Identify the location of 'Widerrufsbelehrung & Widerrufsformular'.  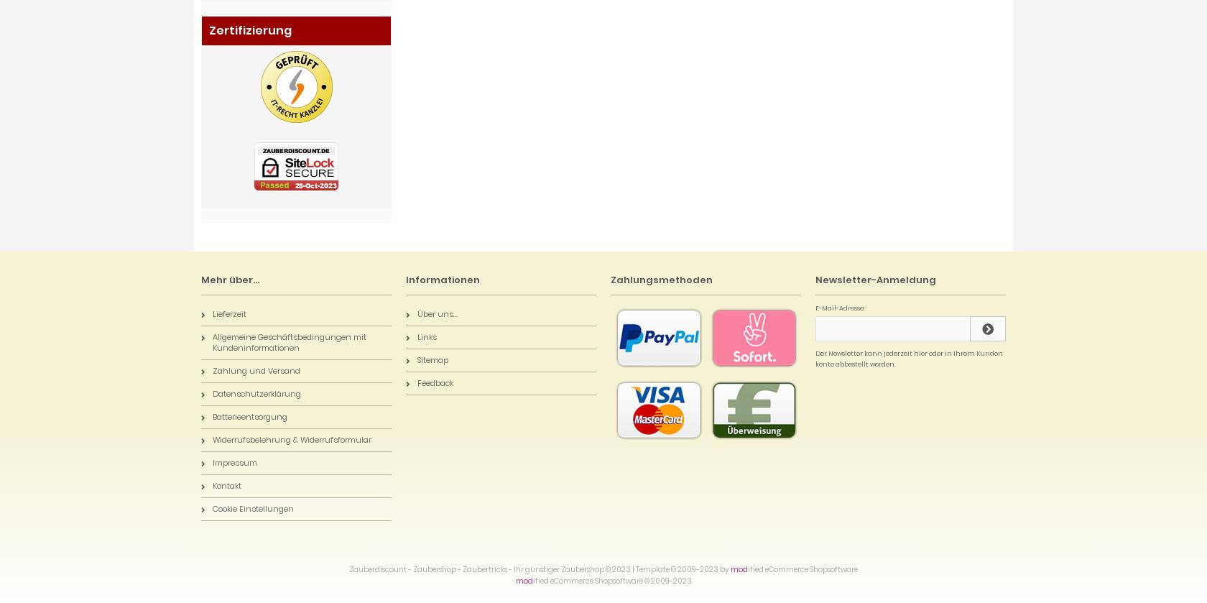
(292, 438).